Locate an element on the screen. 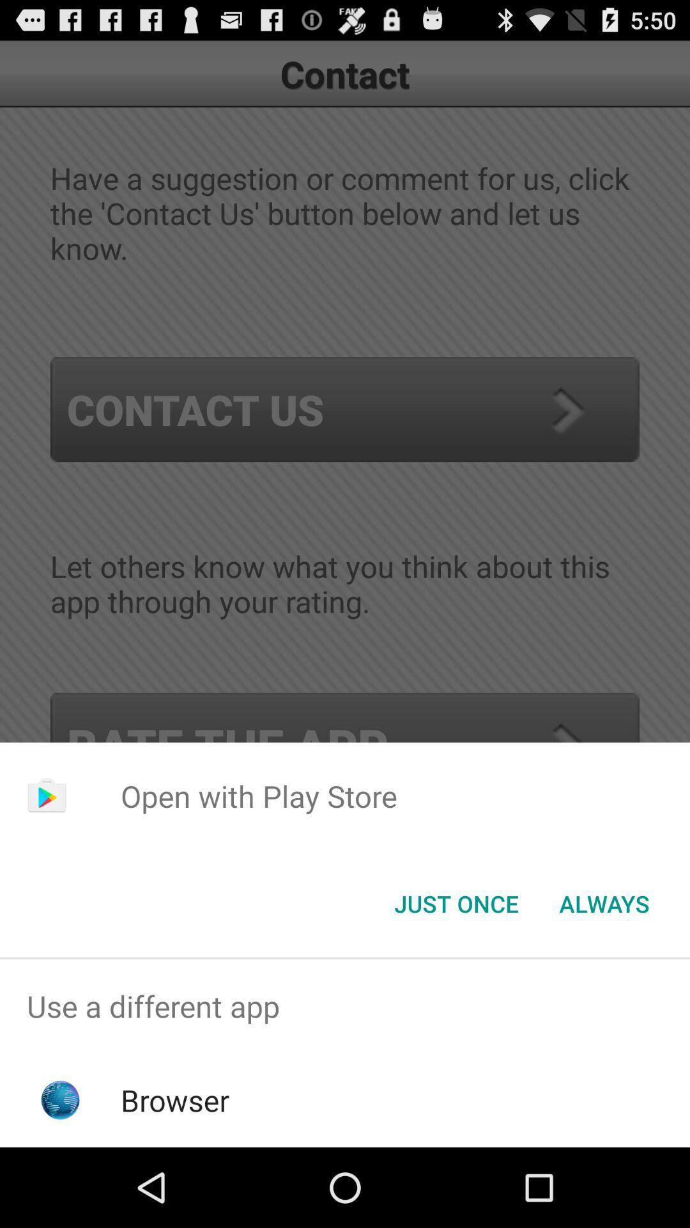 Image resolution: width=690 pixels, height=1228 pixels. the item below the use a different item is located at coordinates (175, 1099).